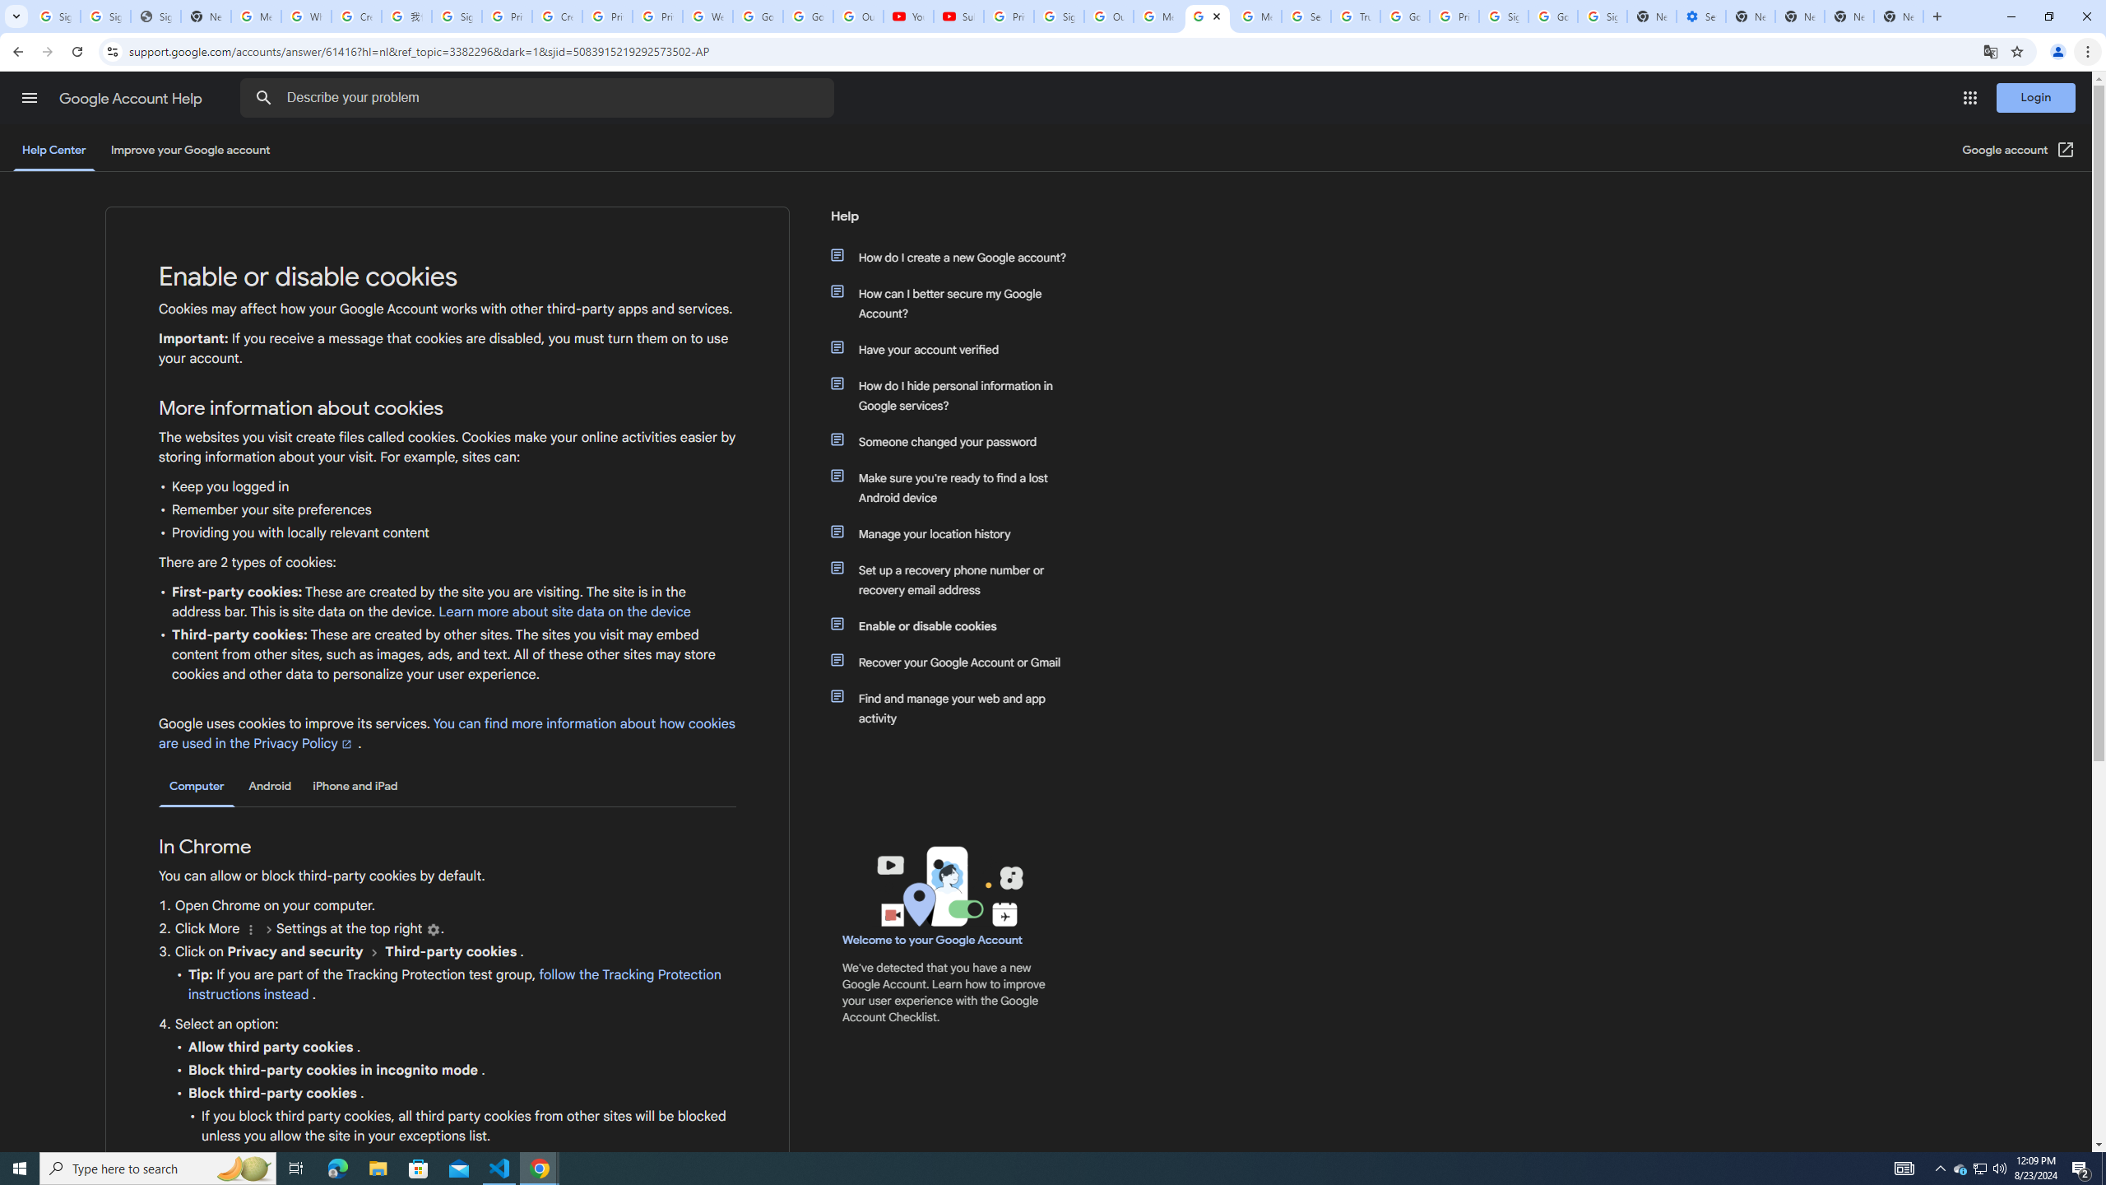 The width and height of the screenshot is (2106, 1185). What do you see at coordinates (190, 149) in the screenshot?
I see `'Improve your Google account'` at bounding box center [190, 149].